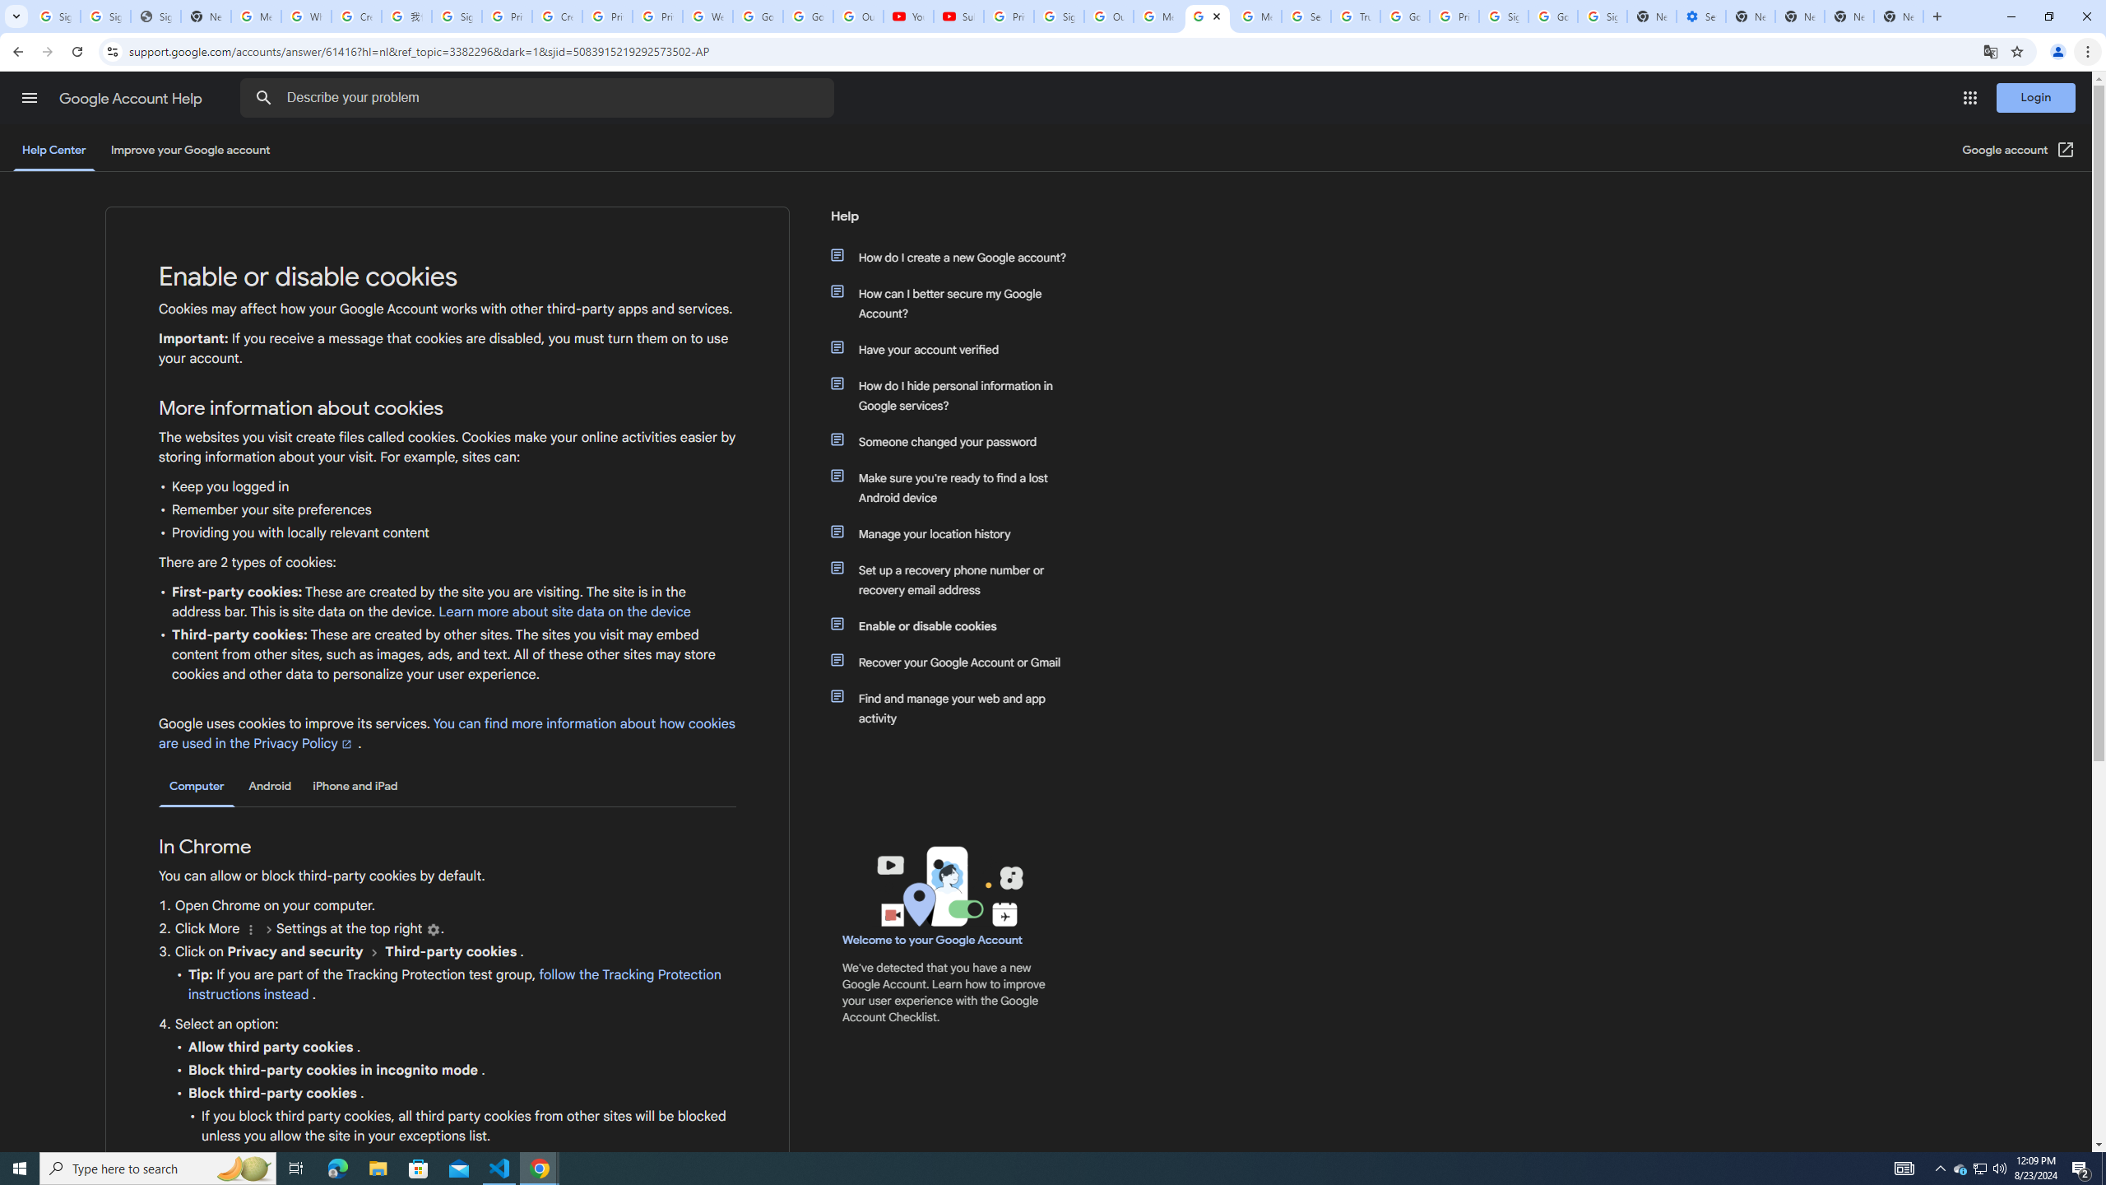 The width and height of the screenshot is (2106, 1185). What do you see at coordinates (190, 149) in the screenshot?
I see `'Improve your Google account'` at bounding box center [190, 149].